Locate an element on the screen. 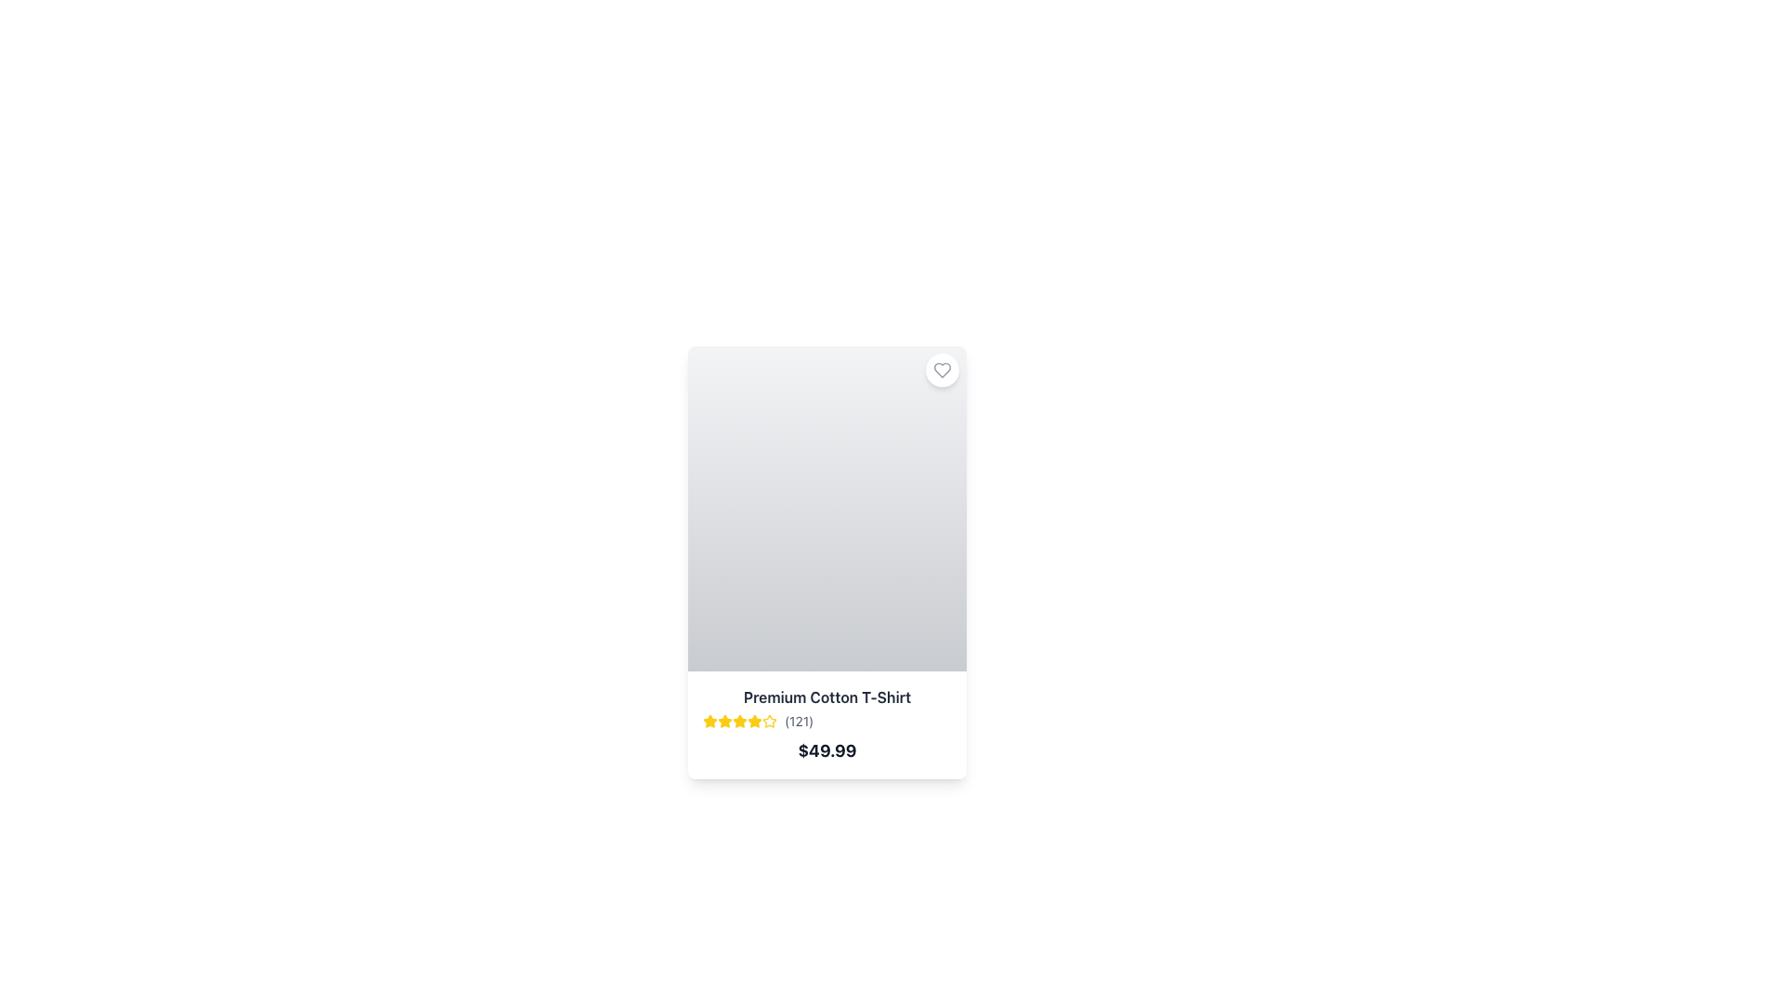  the favorite button located at the top-right corner of the product display card is located at coordinates (942, 370).